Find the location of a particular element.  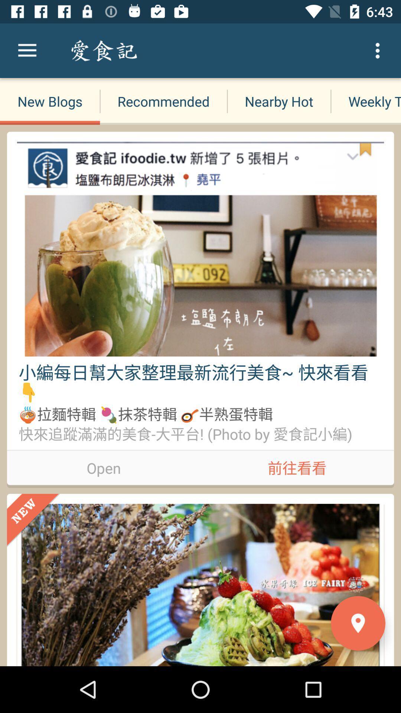

the location icon is located at coordinates (358, 623).